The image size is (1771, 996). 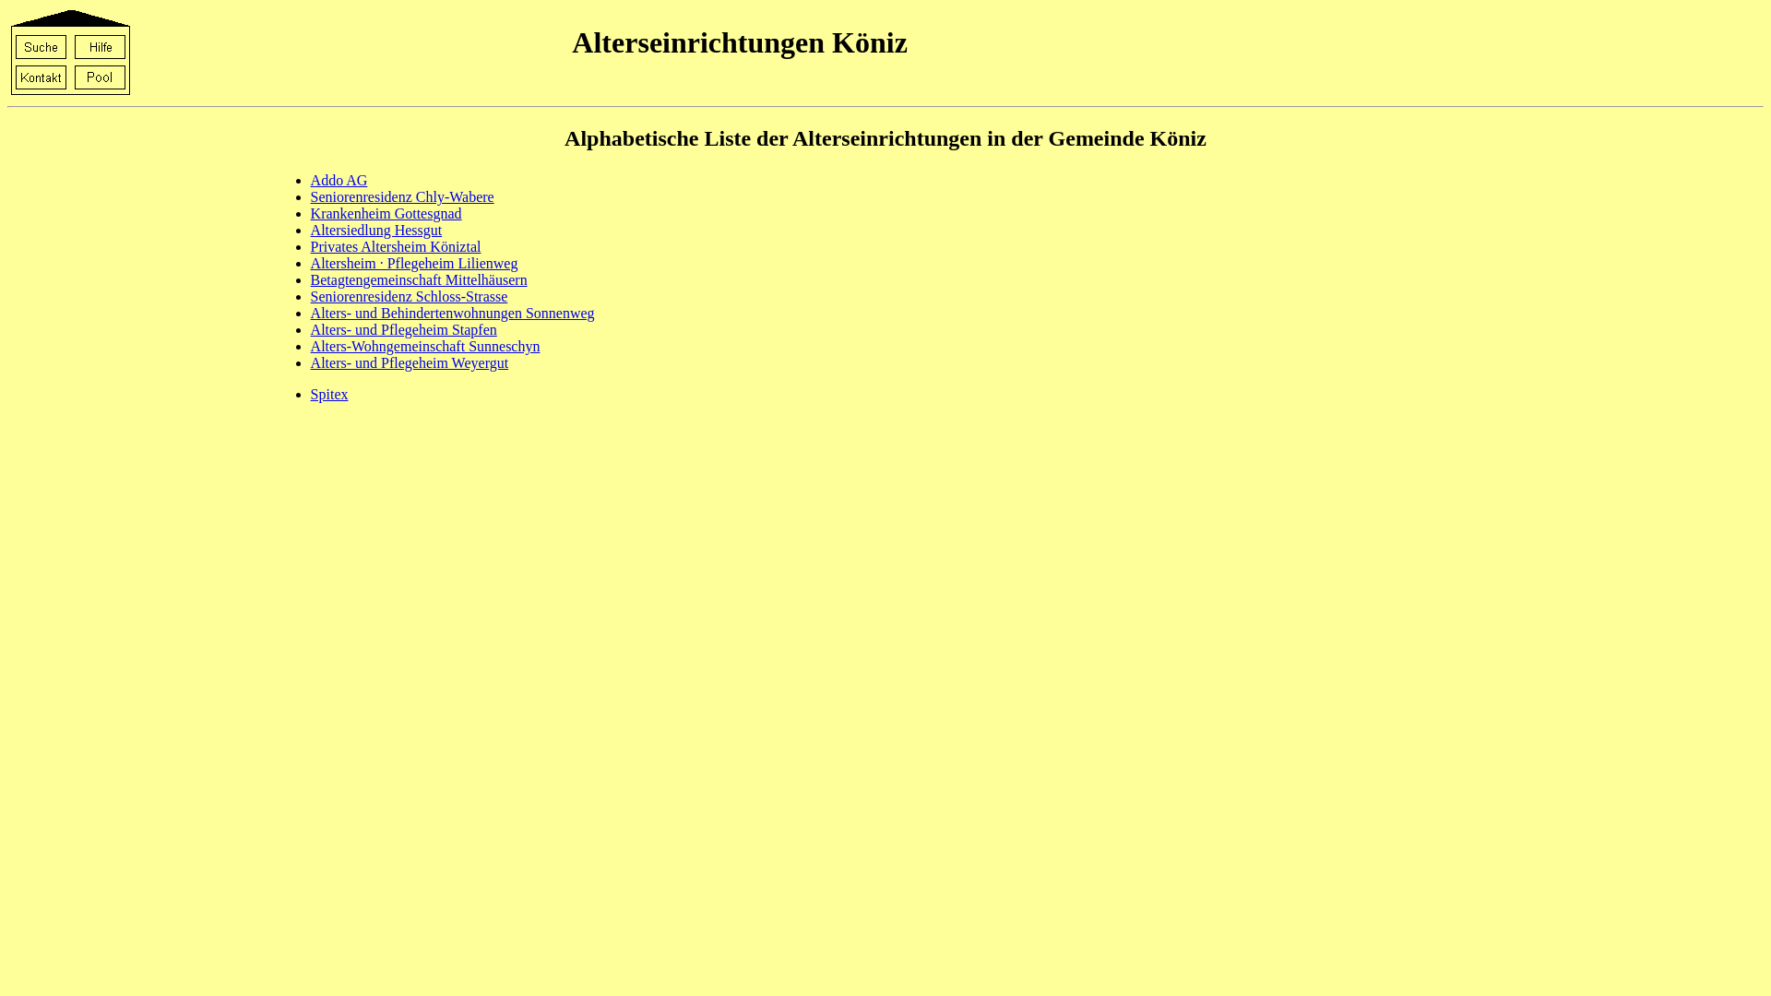 I want to click on 'Seniorenresidenz Chly-Wabere', so click(x=401, y=196).